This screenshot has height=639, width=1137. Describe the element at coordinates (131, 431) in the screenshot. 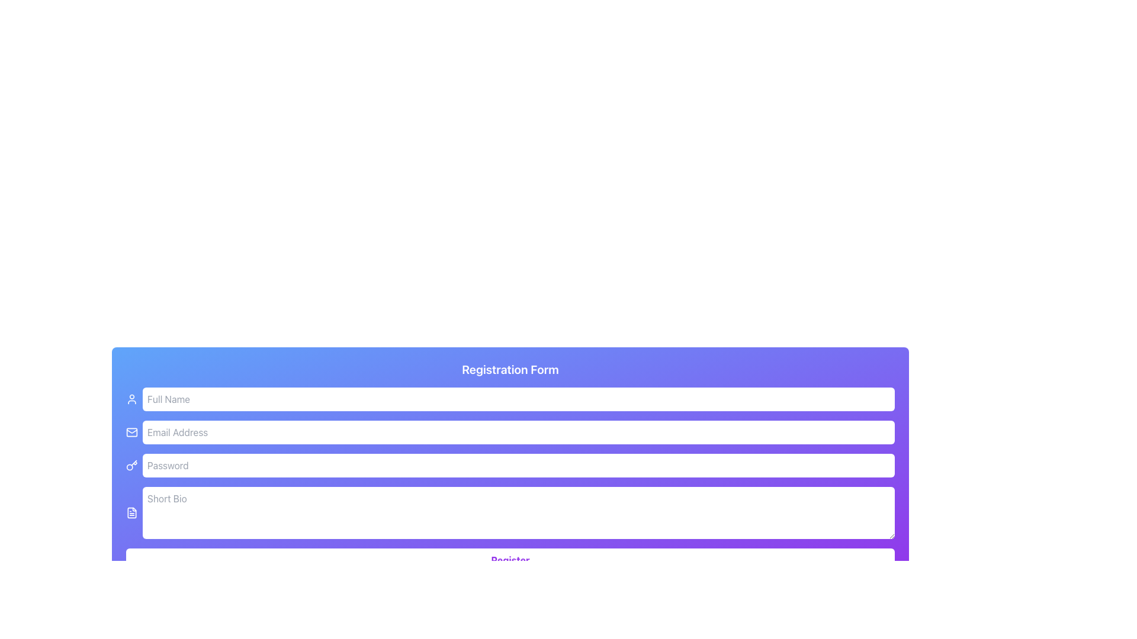

I see `the email icon located to the left of the 'Email Address' input field in the registration interface` at that location.